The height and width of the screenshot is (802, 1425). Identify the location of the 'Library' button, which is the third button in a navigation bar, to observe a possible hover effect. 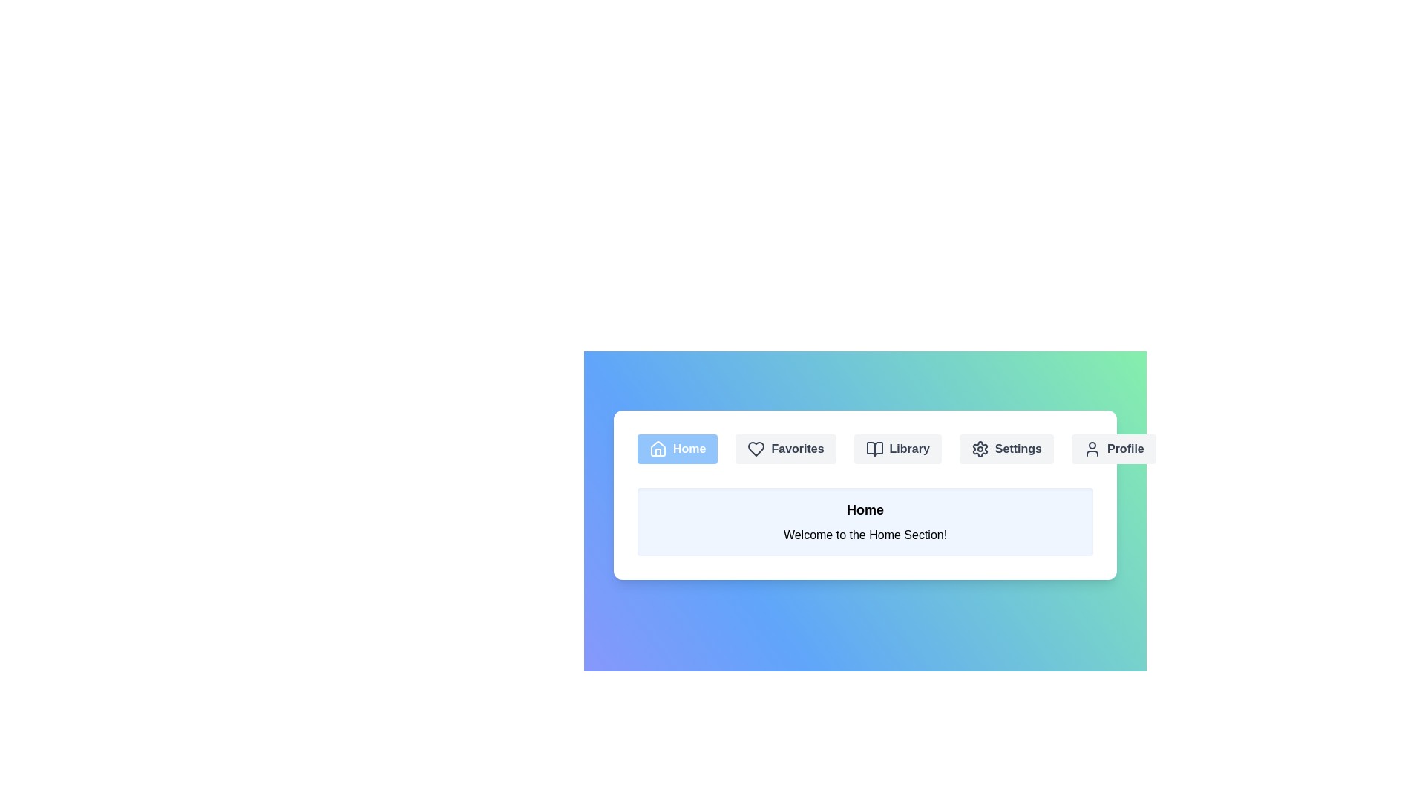
(897, 449).